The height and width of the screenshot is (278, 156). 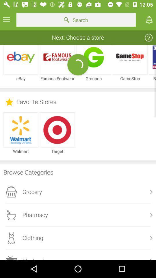 I want to click on the last icon of the page, so click(x=11, y=257).